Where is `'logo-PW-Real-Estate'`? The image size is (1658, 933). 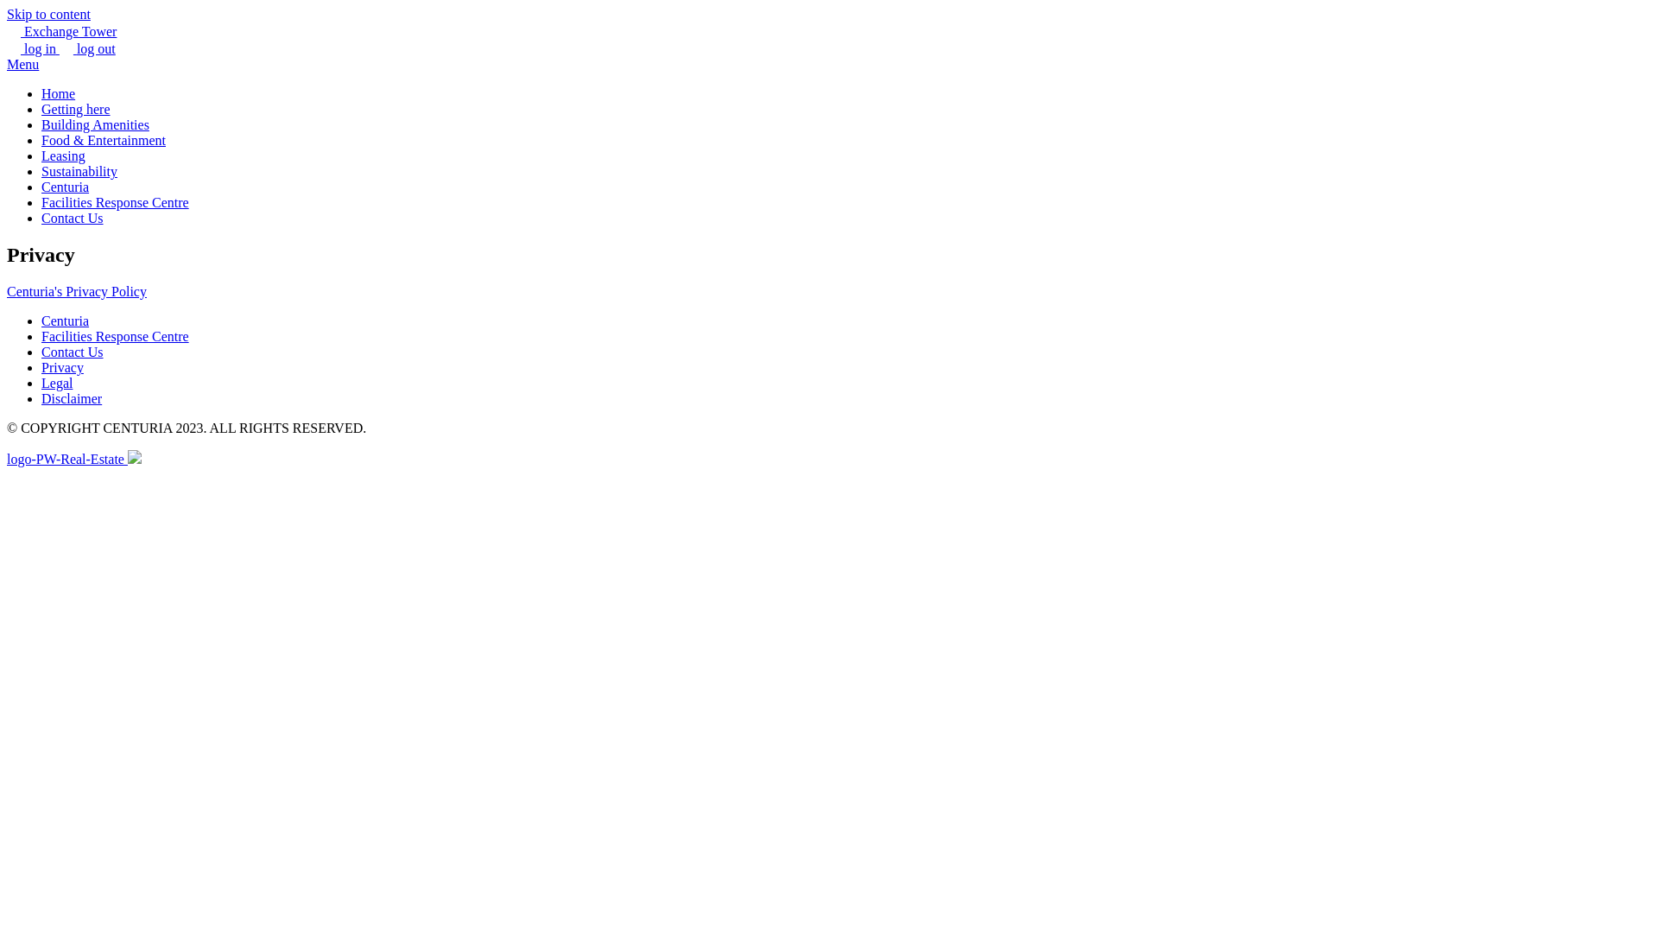
'logo-PW-Real-Estate' is located at coordinates (73, 458).